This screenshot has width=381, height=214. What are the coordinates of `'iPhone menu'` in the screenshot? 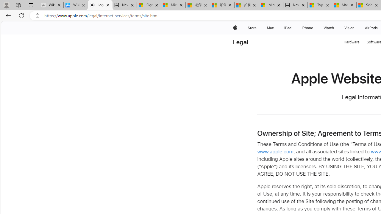 It's located at (314, 28).